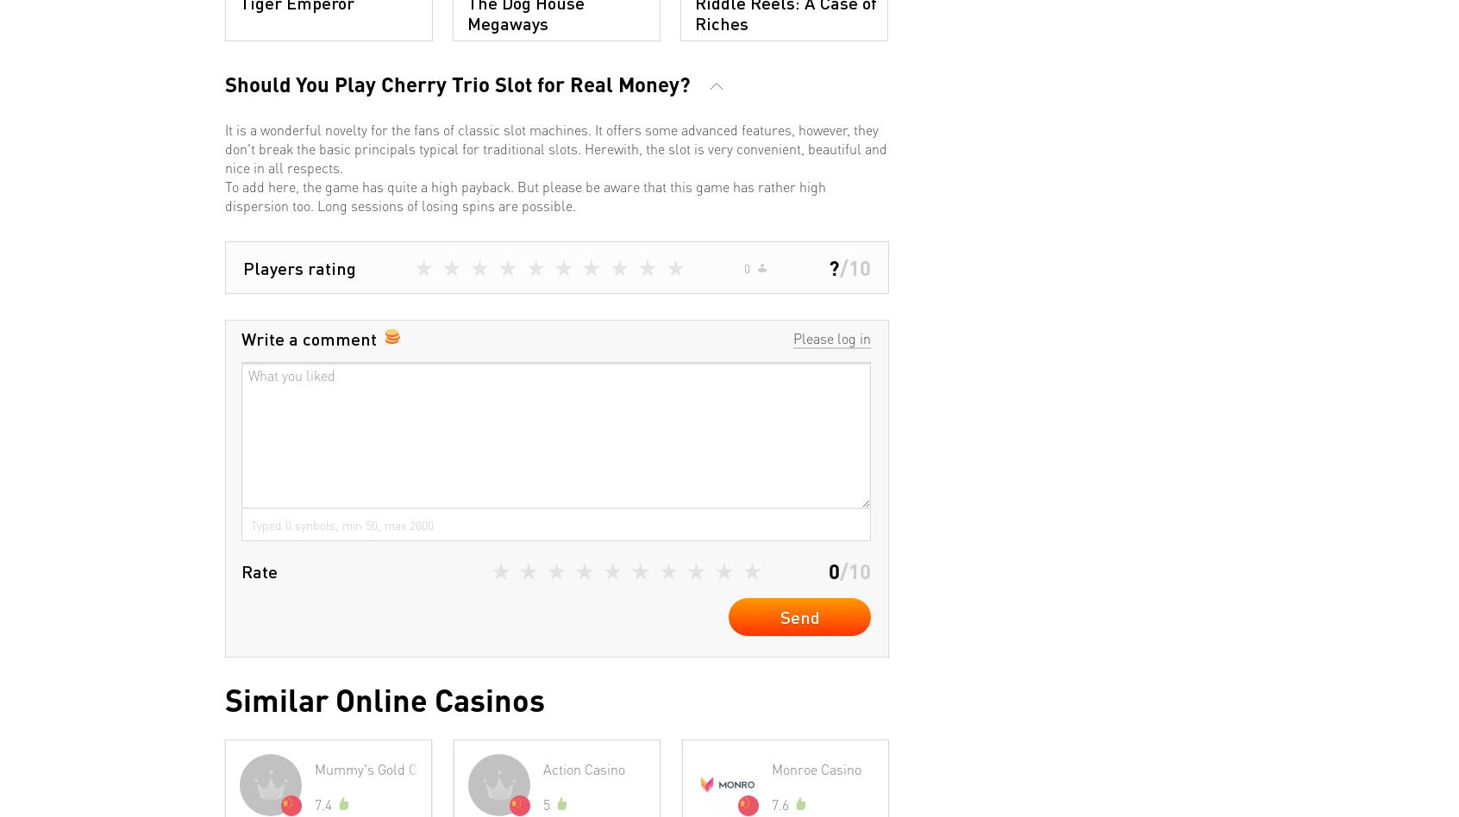 The height and width of the screenshot is (817, 1459). I want to click on 'To add here, the game has quite a high payback. But please be aware that this game has rather high dispersion too. Long sessions of losing spins are possible.', so click(524, 194).